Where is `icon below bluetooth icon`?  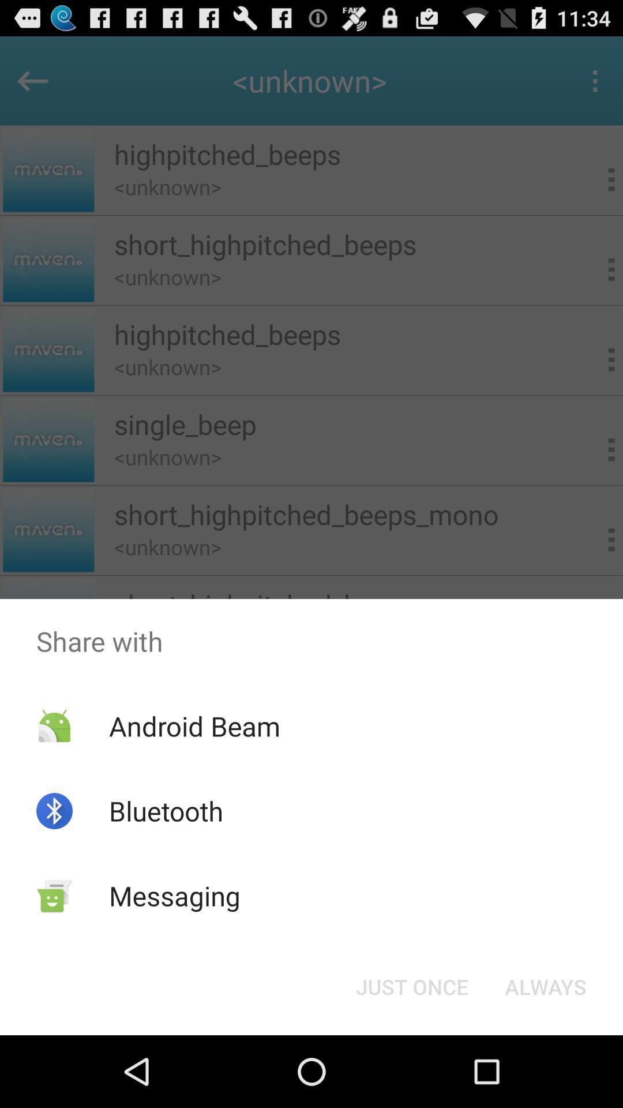
icon below bluetooth icon is located at coordinates (175, 895).